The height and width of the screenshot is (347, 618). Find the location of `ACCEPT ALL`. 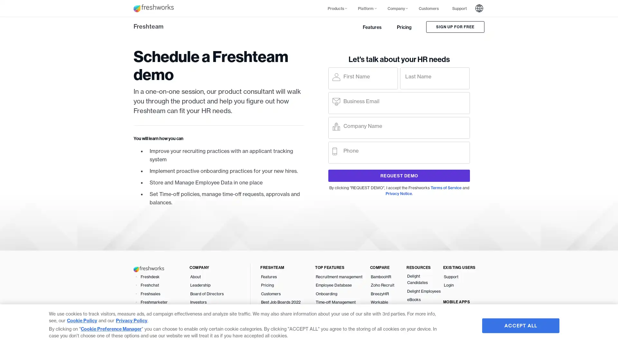

ACCEPT ALL is located at coordinates (520, 325).